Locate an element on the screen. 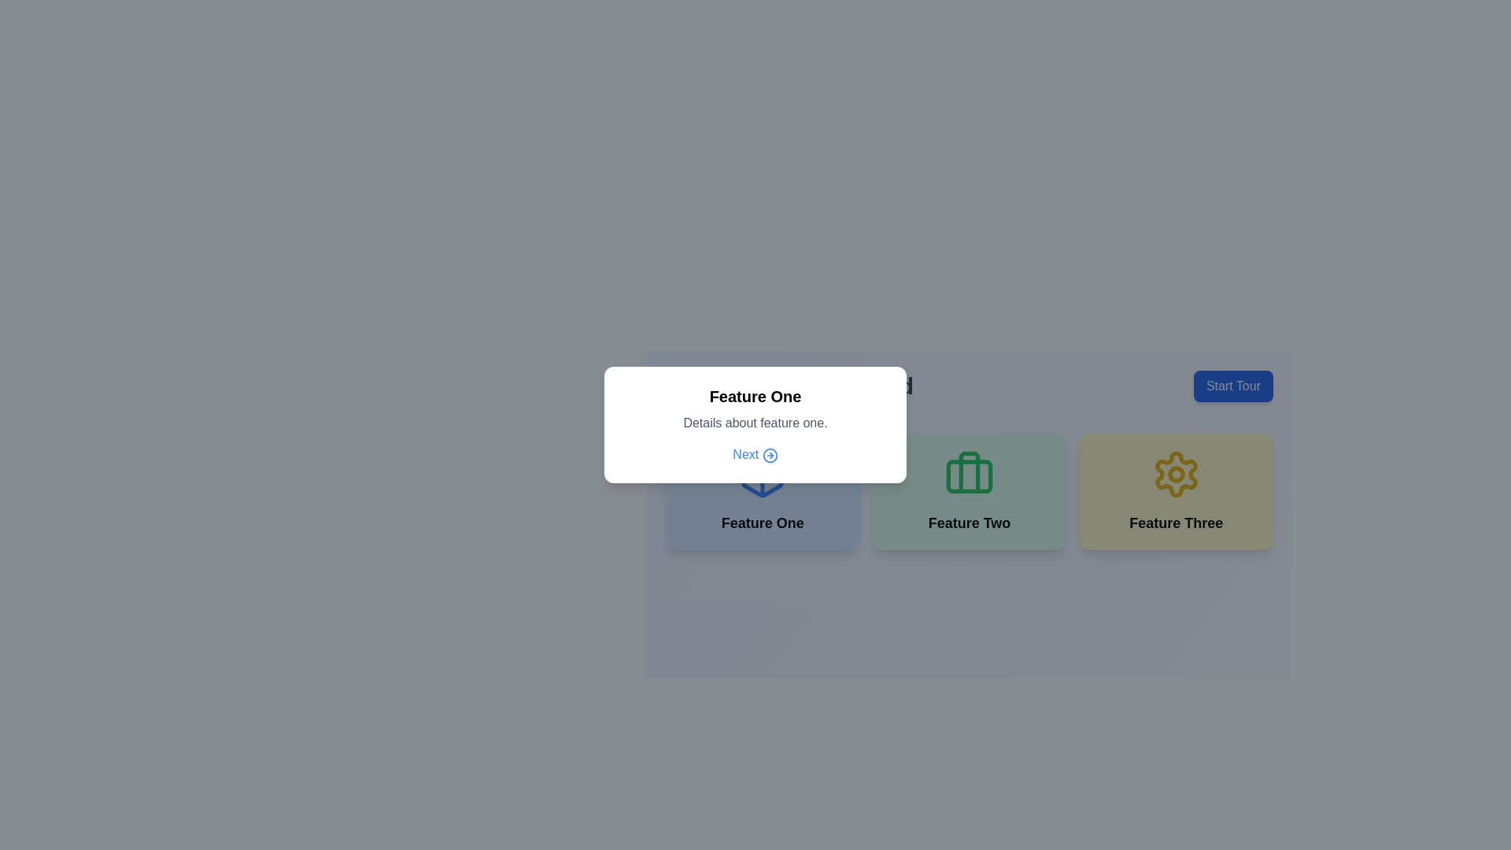  the button that starts the guided tour, located in the right section of the interface aligned with the 'Interactive Dashboard' heading is located at coordinates (1232, 386).